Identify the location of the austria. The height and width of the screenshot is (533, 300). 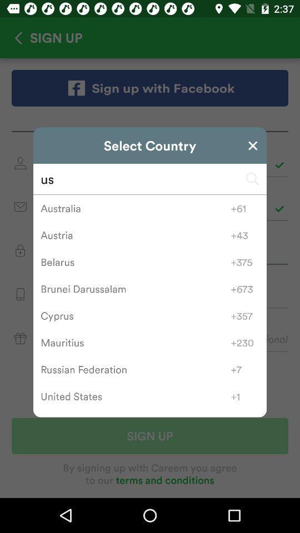
(136, 235).